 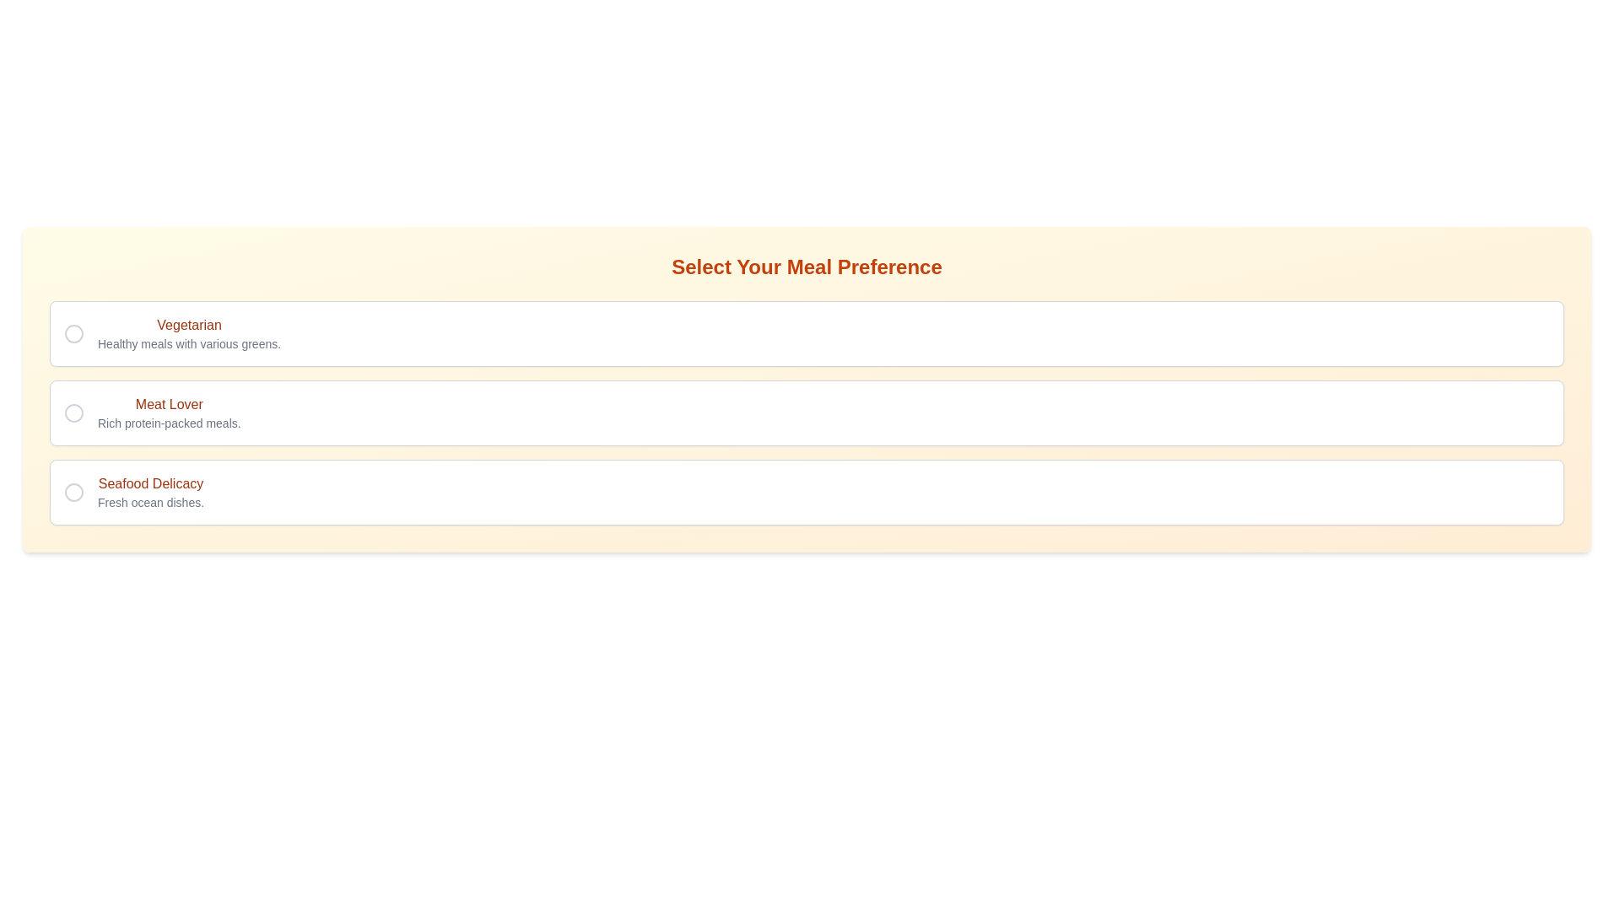 What do you see at coordinates (73, 412) in the screenshot?
I see `the SVG Circle indicator for the 'Meat Lover' option, which is centrally aligned with the option's vertical axis and located to the left of the text` at bounding box center [73, 412].